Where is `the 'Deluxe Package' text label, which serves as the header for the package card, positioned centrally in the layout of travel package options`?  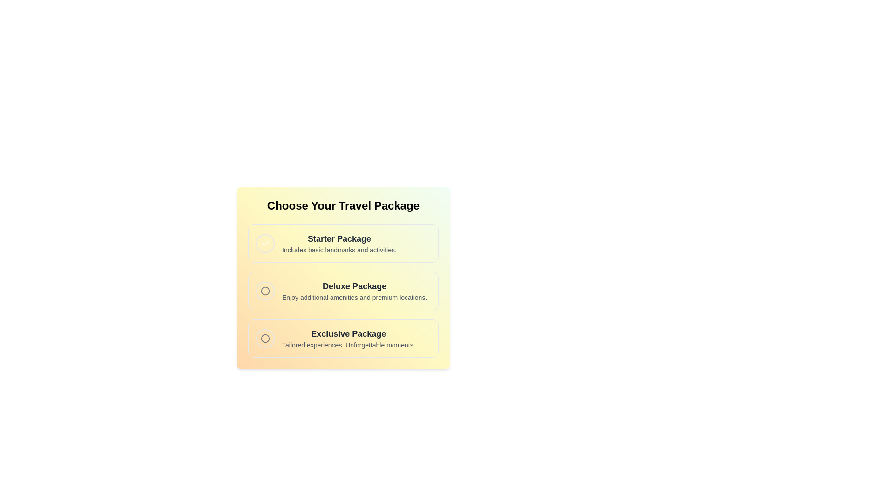 the 'Deluxe Package' text label, which serves as the header for the package card, positioned centrally in the layout of travel package options is located at coordinates (354, 285).